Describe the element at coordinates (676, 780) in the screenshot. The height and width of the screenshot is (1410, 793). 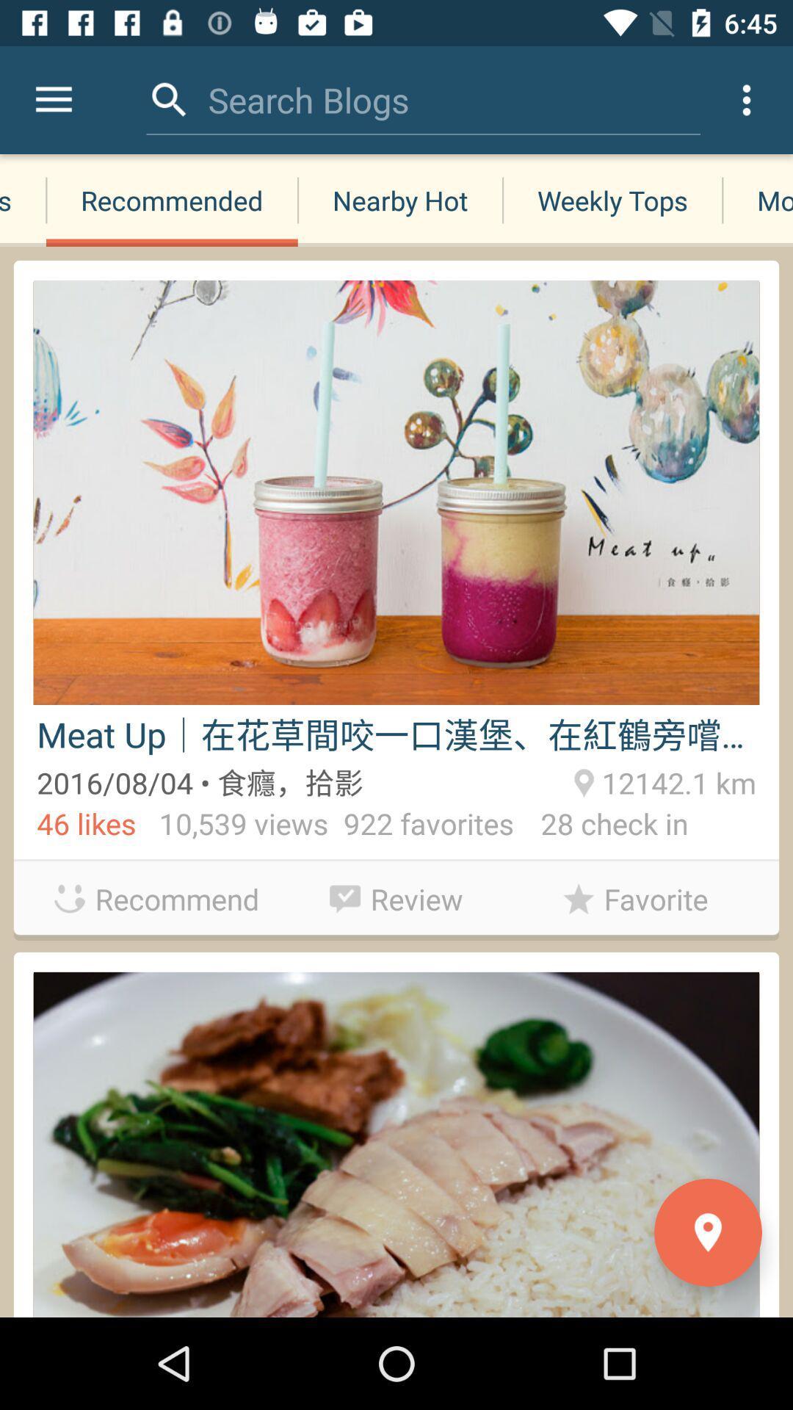
I see `12142.1 km item` at that location.